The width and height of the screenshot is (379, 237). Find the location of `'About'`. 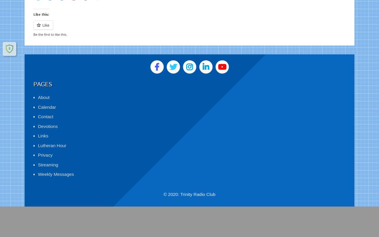

'About' is located at coordinates (43, 90).